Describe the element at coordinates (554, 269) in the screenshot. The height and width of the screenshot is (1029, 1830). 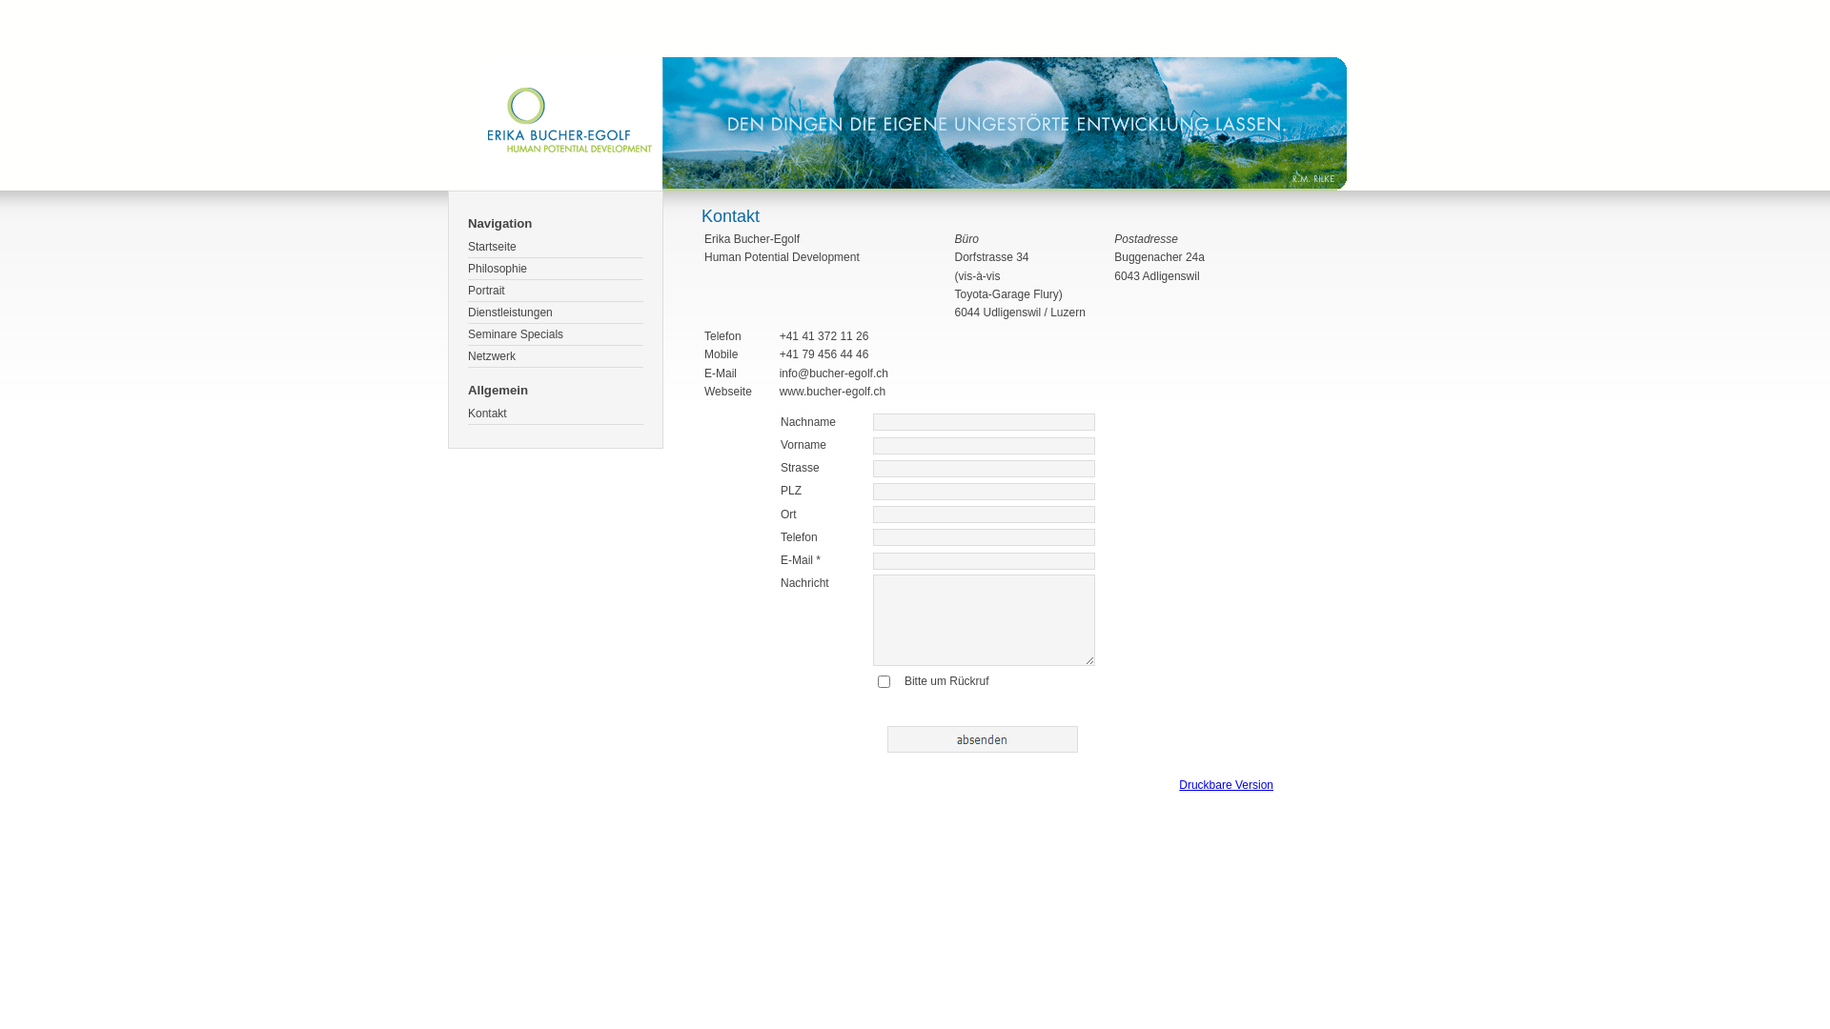
I see `'Philosophie'` at that location.